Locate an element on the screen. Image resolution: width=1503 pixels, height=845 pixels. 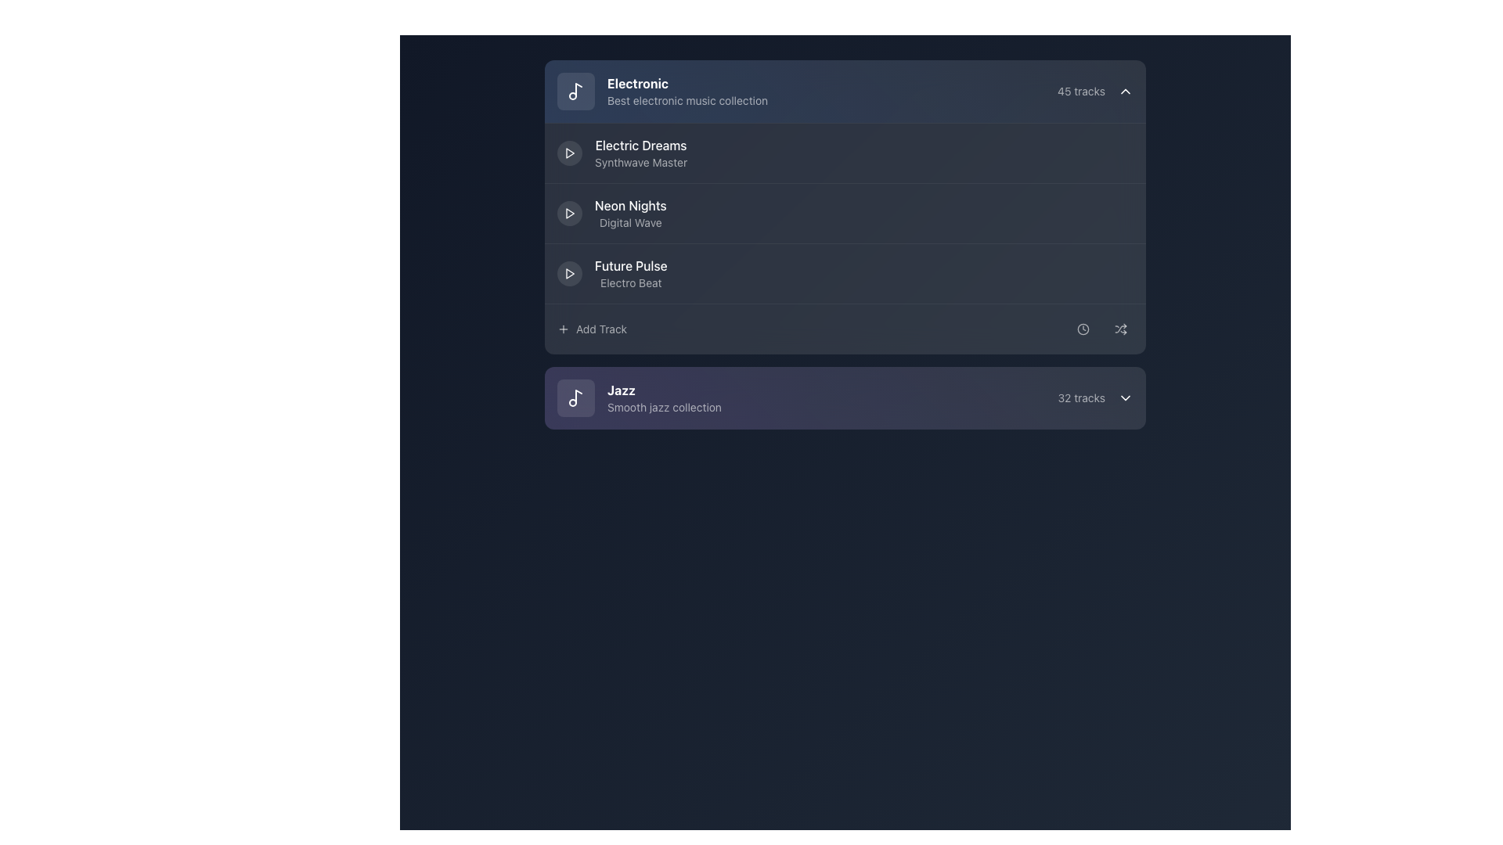
the SVG Circle element that serves as the primary circle in the clock icon representation, located within the second track's options in the 'Electronic' collection group is located at coordinates (1082, 328).